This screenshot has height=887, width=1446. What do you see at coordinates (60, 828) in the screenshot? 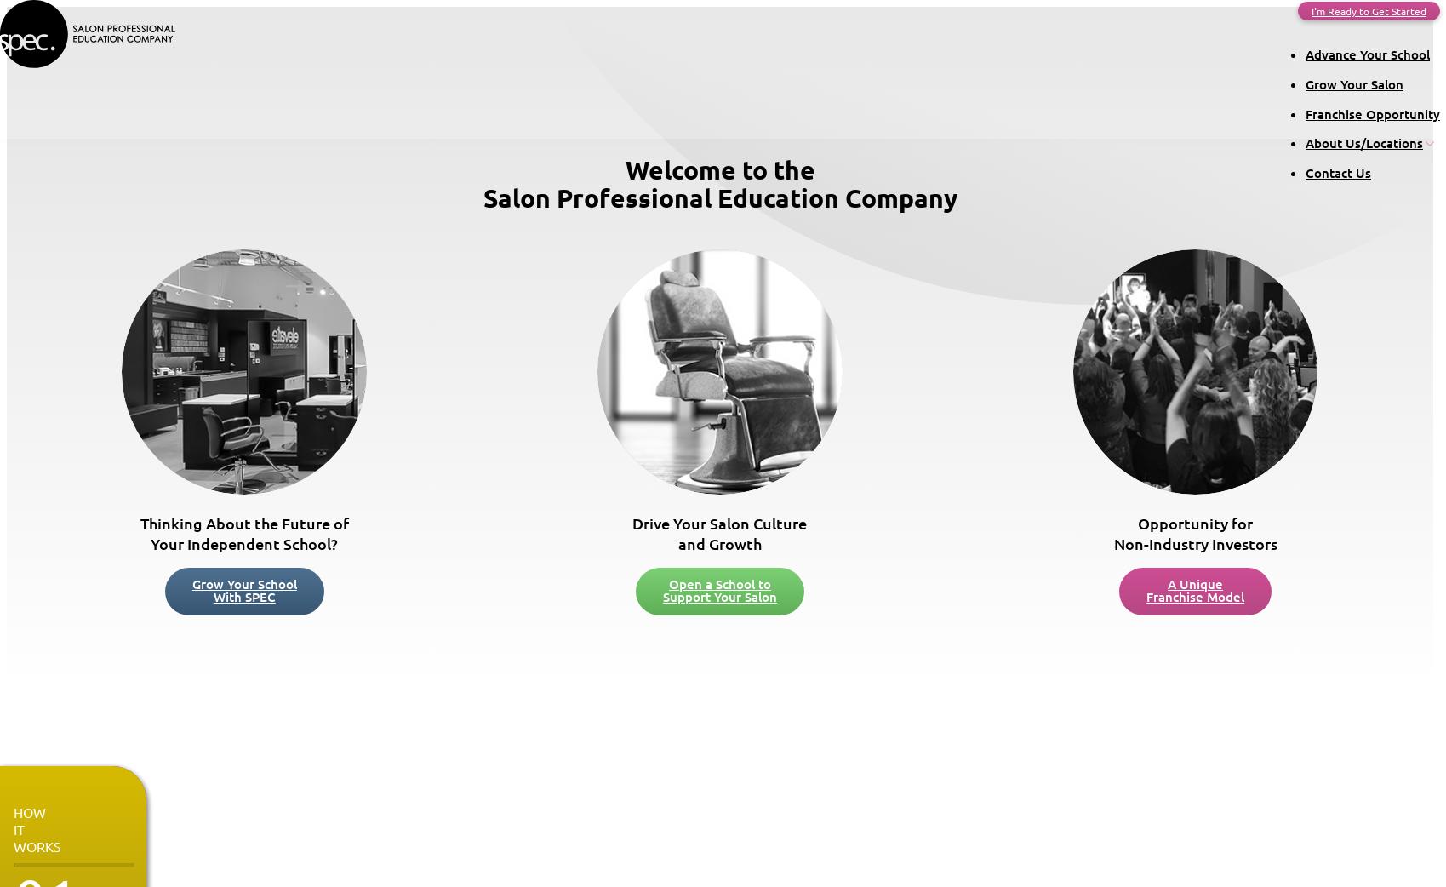
I see `'FRANCHISE OPPORTUNITY'` at bounding box center [60, 828].